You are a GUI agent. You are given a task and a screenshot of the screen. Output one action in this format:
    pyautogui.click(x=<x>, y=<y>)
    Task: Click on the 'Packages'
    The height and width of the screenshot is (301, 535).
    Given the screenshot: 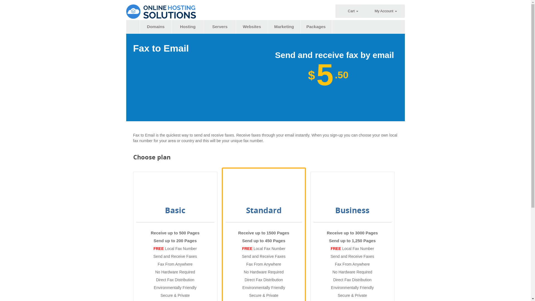 What is the action you would take?
    pyautogui.click(x=300, y=27)
    